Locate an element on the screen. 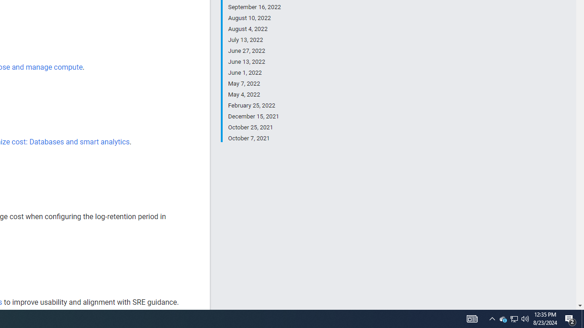  'October 7, 2021' is located at coordinates (254, 138).